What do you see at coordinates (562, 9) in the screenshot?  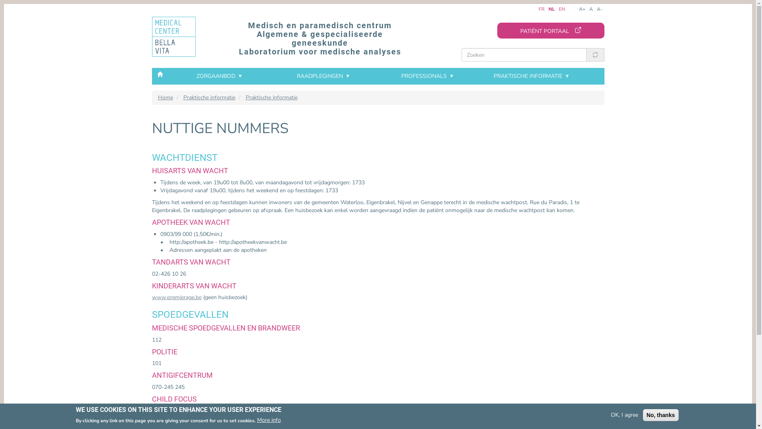 I see `'EN'` at bounding box center [562, 9].